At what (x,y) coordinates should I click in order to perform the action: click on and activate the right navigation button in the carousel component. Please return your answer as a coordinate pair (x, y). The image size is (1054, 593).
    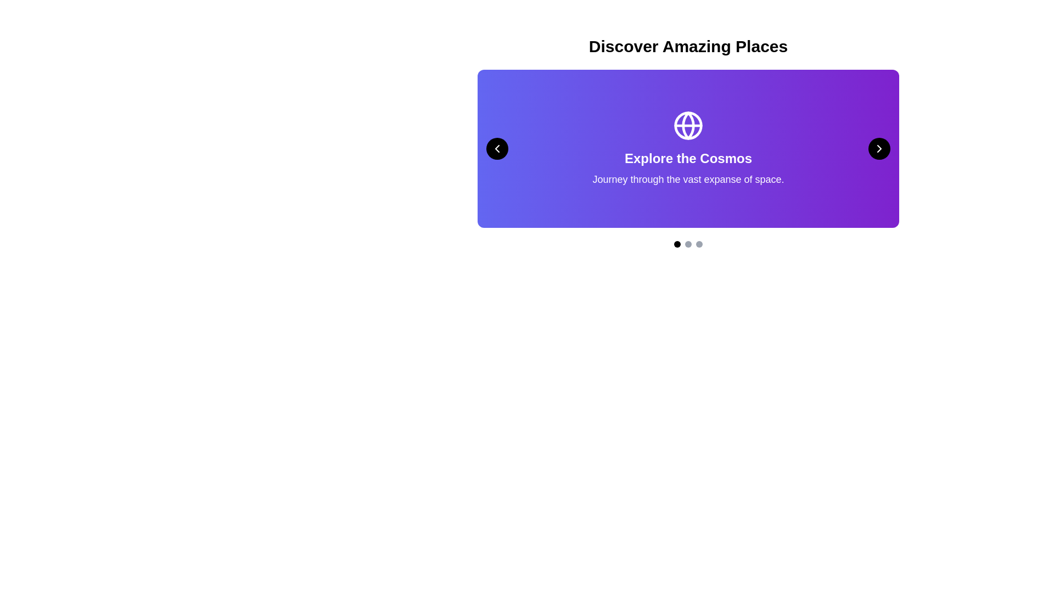
    Looking at the image, I should click on (879, 148).